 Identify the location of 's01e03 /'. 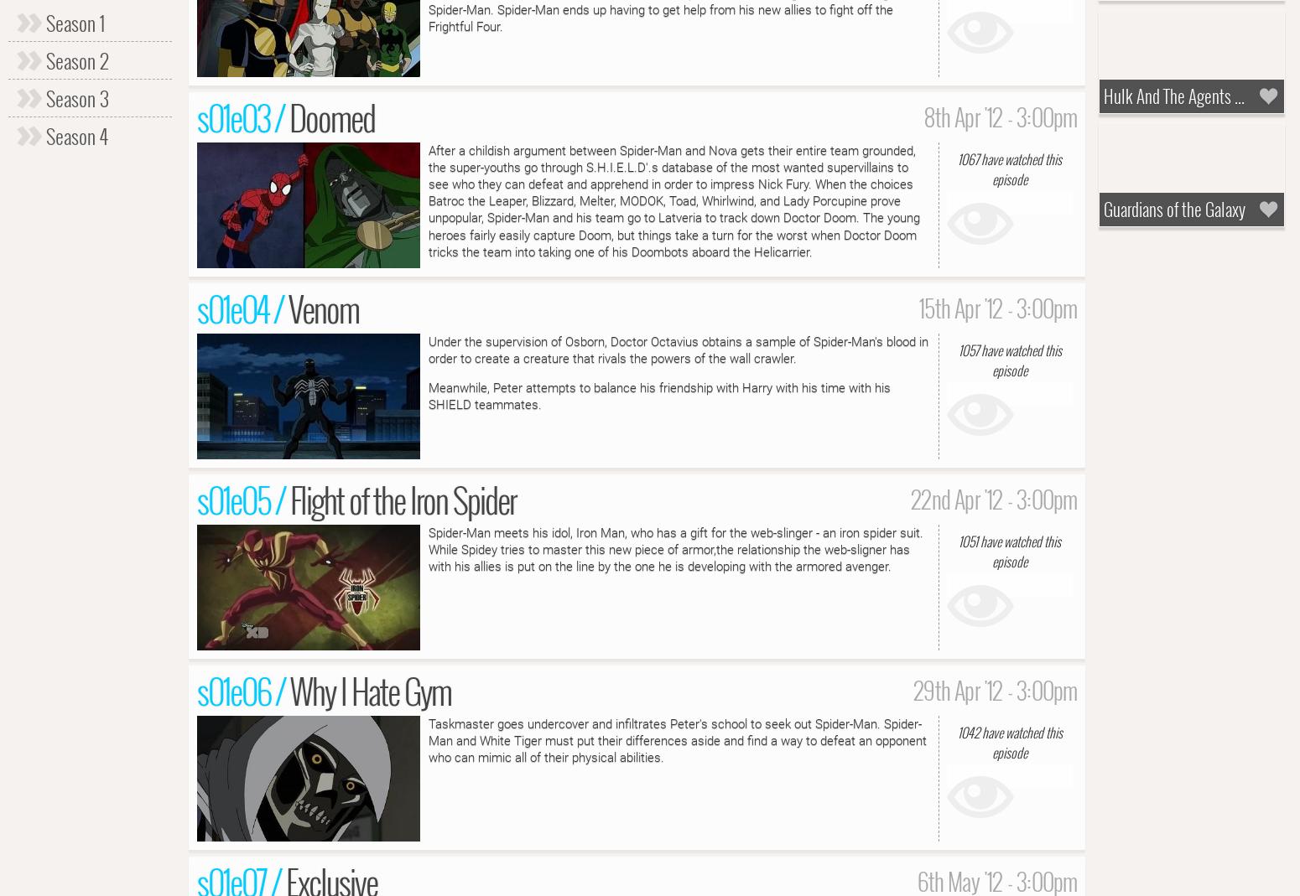
(243, 116).